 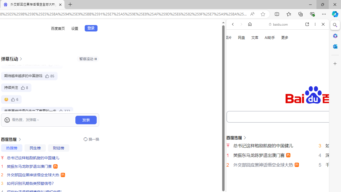 What do you see at coordinates (277, 14) in the screenshot?
I see `'Split screen'` at bounding box center [277, 14].